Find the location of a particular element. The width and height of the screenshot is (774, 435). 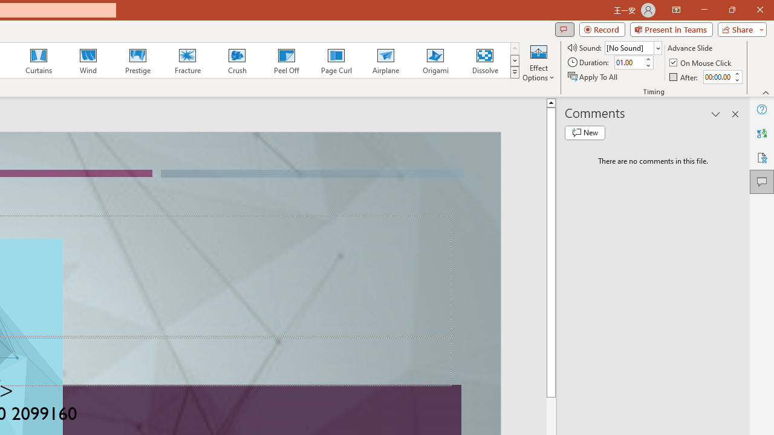

'Line up' is located at coordinates (550, 101).